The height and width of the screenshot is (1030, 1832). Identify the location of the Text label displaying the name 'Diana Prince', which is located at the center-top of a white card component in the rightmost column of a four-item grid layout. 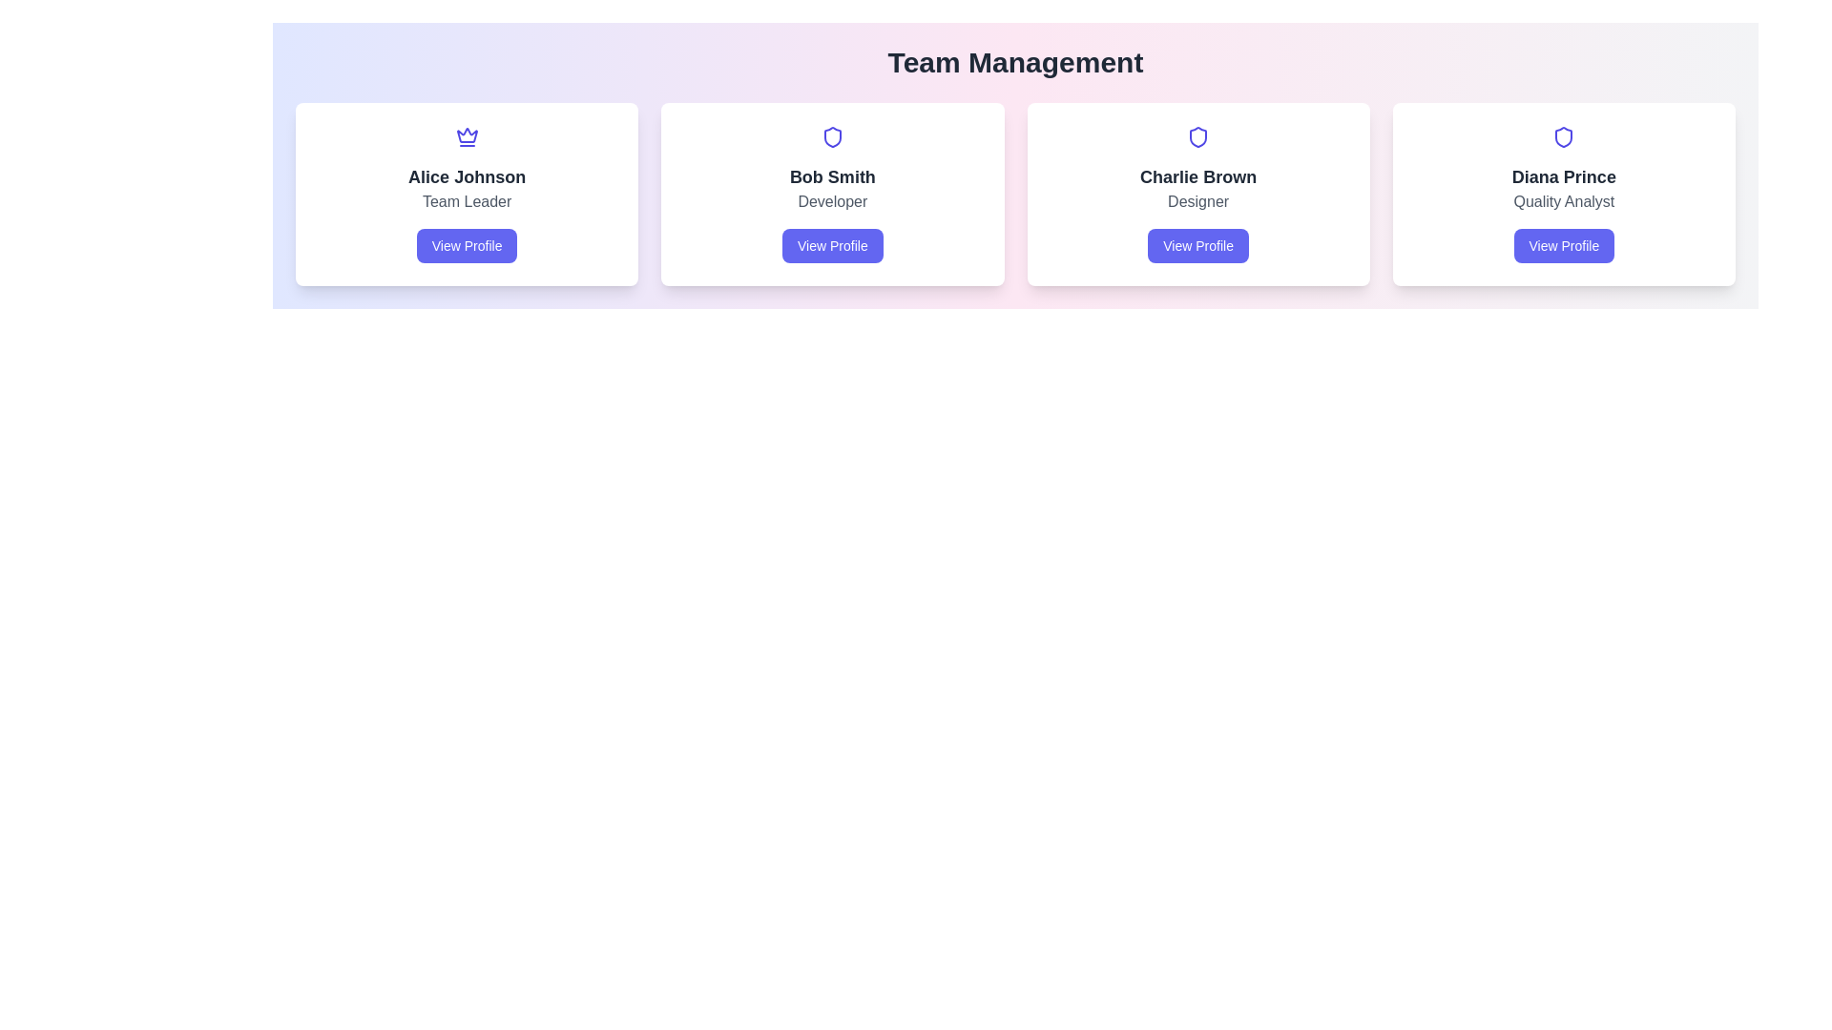
(1564, 176).